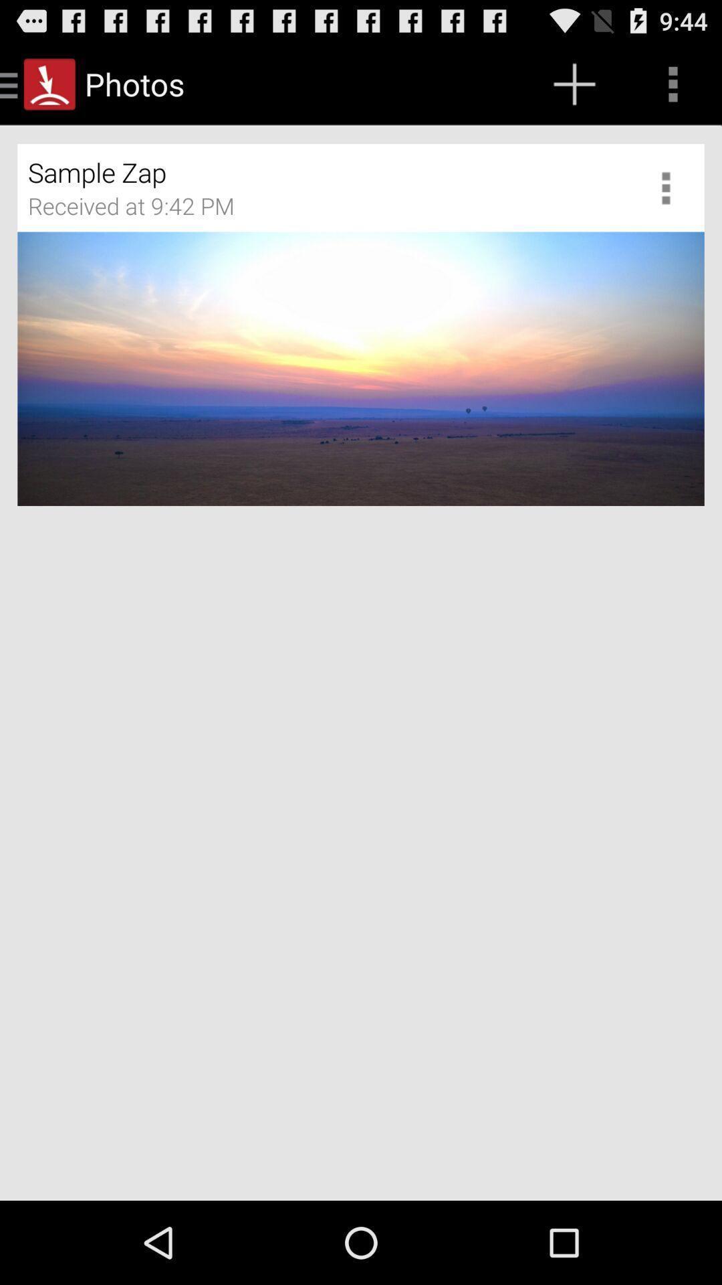 This screenshot has height=1285, width=722. Describe the element at coordinates (671, 187) in the screenshot. I see `configuration button` at that location.